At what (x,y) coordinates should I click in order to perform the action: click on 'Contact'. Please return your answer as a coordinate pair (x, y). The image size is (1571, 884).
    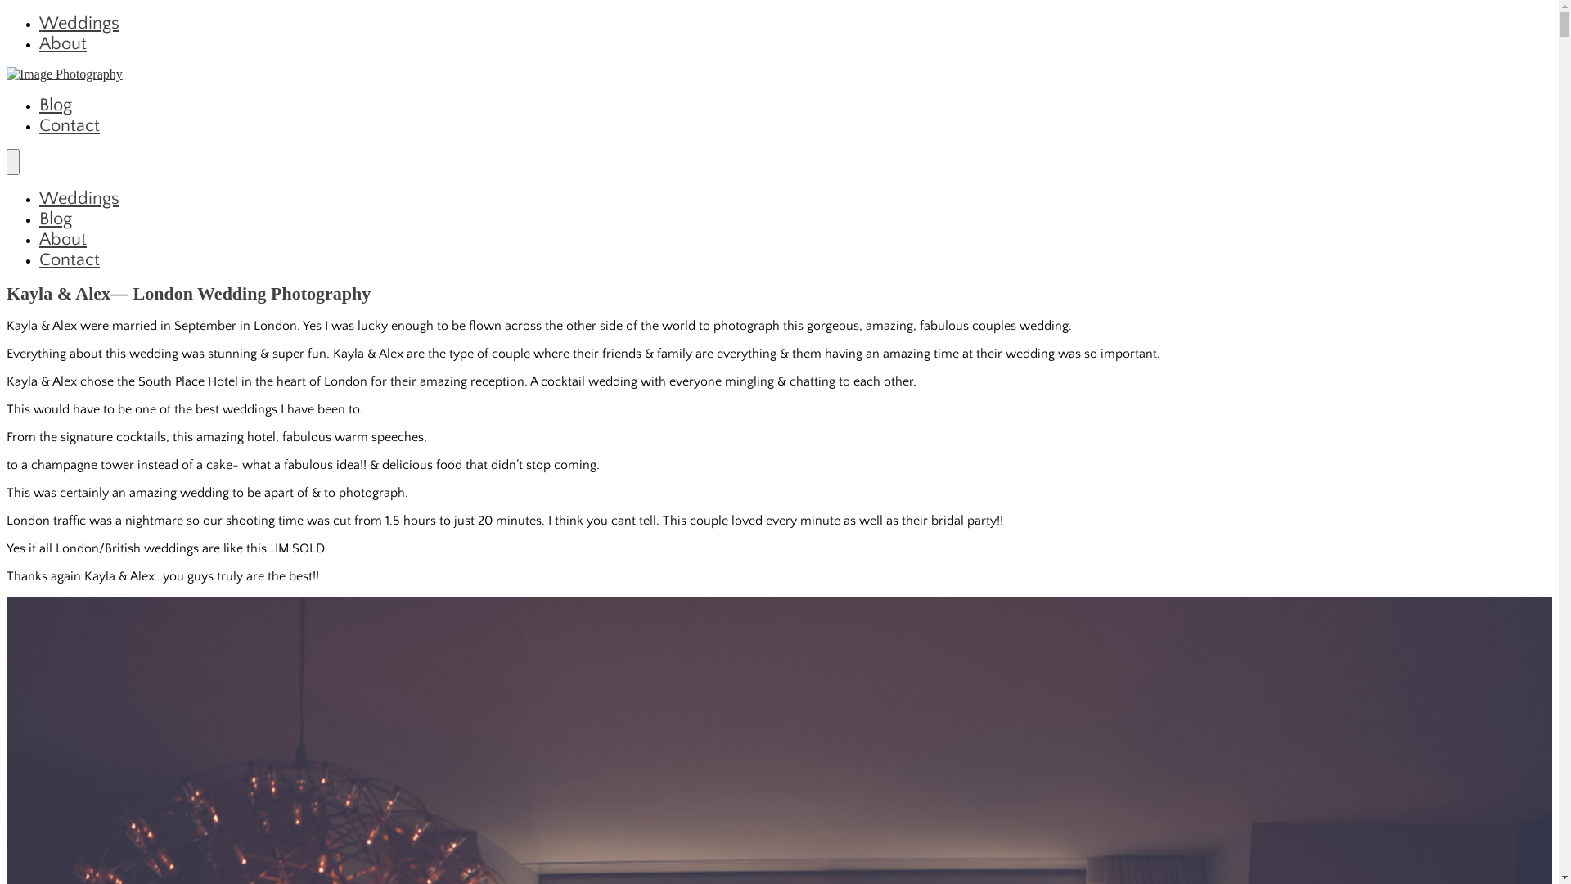
    Looking at the image, I should click on (69, 259).